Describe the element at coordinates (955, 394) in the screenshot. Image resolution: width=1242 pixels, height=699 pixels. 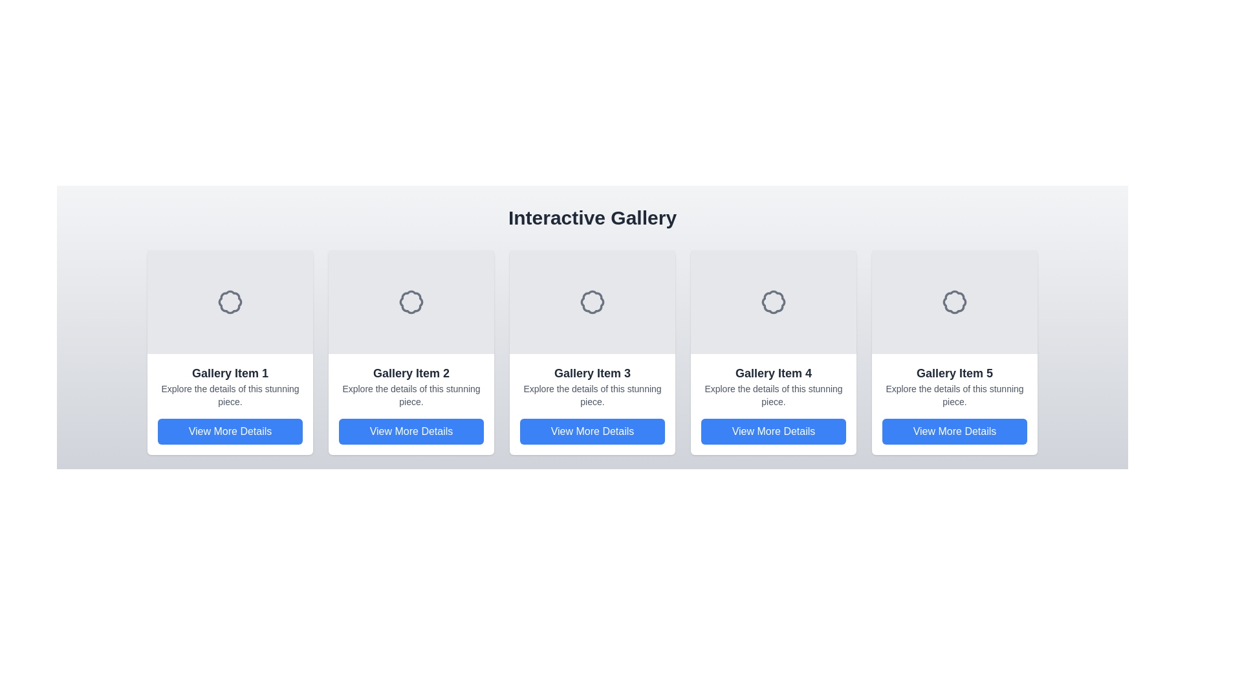
I see `the descriptive text label located in the fifth card of the gallery, positioned below 'Gallery Item 5' and above the 'View More Details' button` at that location.